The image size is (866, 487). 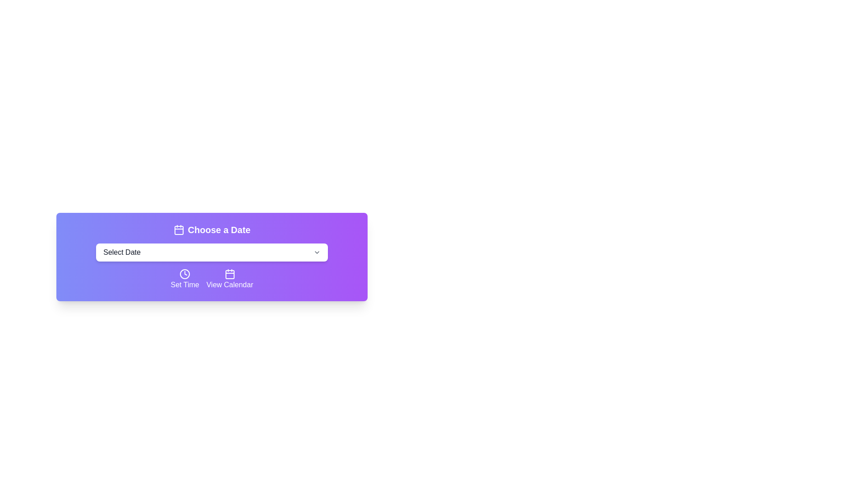 I want to click on the 'Set Time' button located leftmost among the buttons below the date picker, so click(x=184, y=274).